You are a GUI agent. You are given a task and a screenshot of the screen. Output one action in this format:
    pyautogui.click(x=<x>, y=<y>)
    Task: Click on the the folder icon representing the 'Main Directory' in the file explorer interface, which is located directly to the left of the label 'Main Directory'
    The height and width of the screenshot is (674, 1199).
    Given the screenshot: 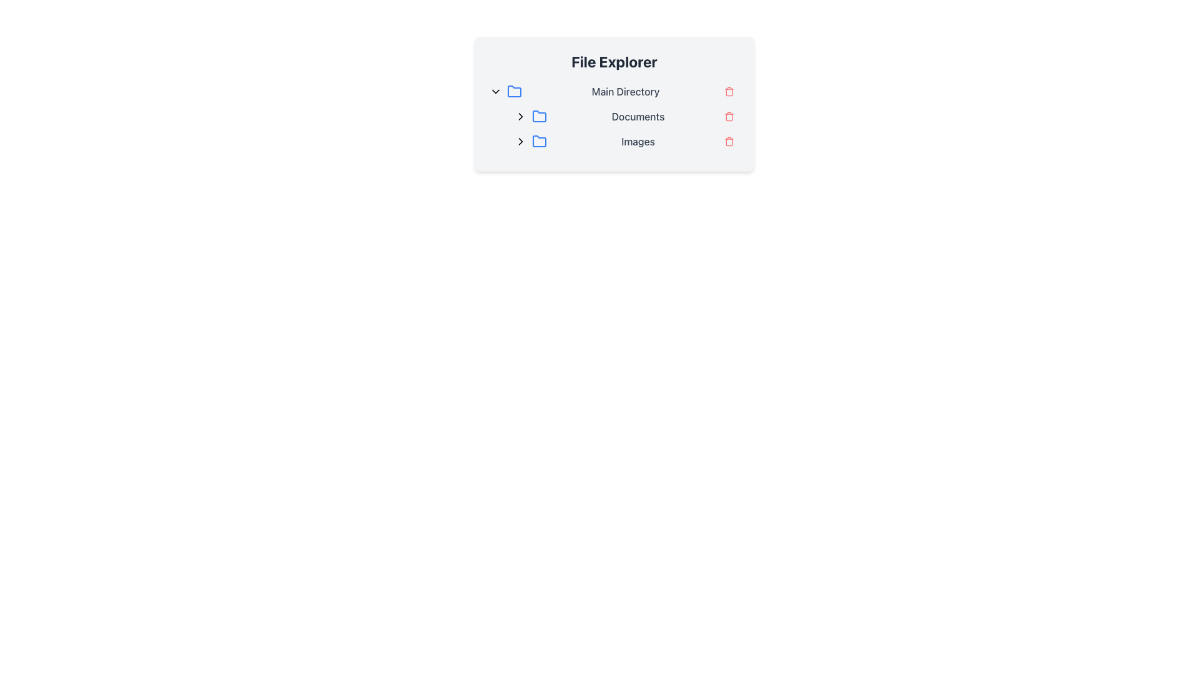 What is the action you would take?
    pyautogui.click(x=515, y=90)
    